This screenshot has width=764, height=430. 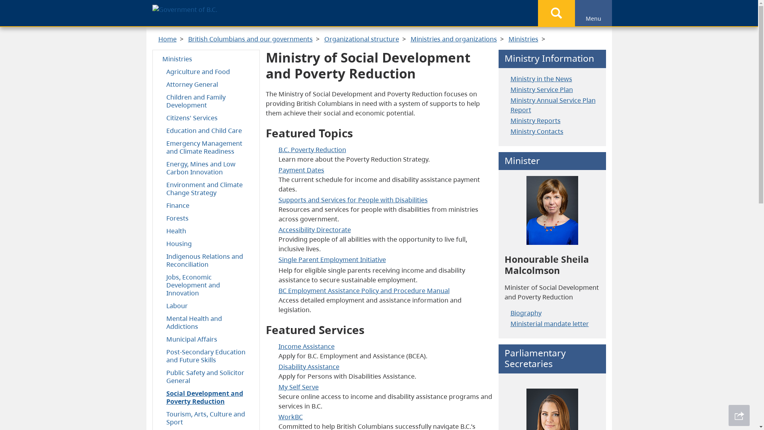 I want to click on 'Payment Dates', so click(x=279, y=170).